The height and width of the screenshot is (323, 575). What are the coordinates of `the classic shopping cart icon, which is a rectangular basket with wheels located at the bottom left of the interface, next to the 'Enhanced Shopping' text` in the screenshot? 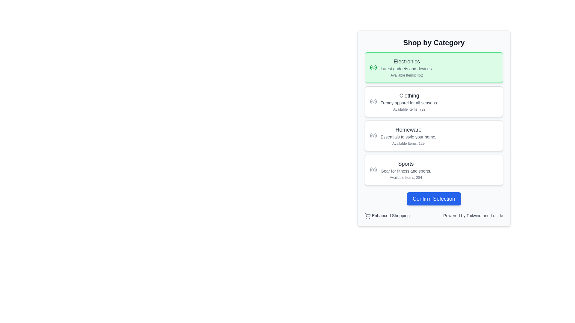 It's located at (367, 216).